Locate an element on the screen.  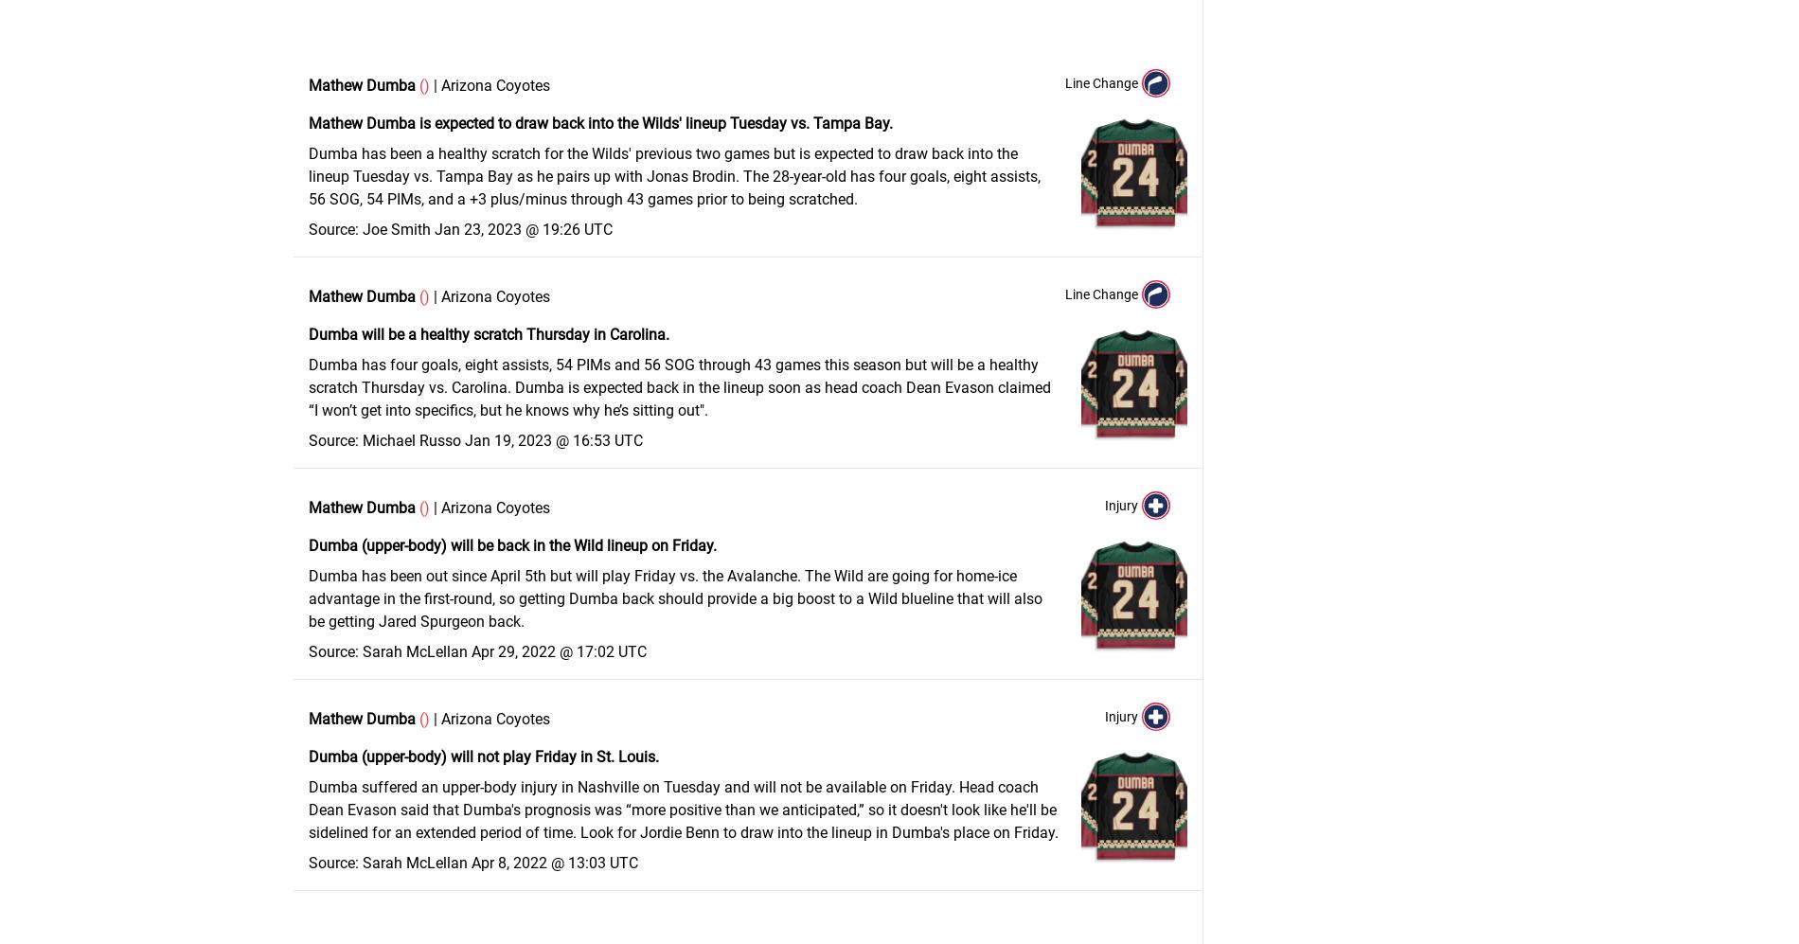
'Michael Russo' is located at coordinates (362, 440).